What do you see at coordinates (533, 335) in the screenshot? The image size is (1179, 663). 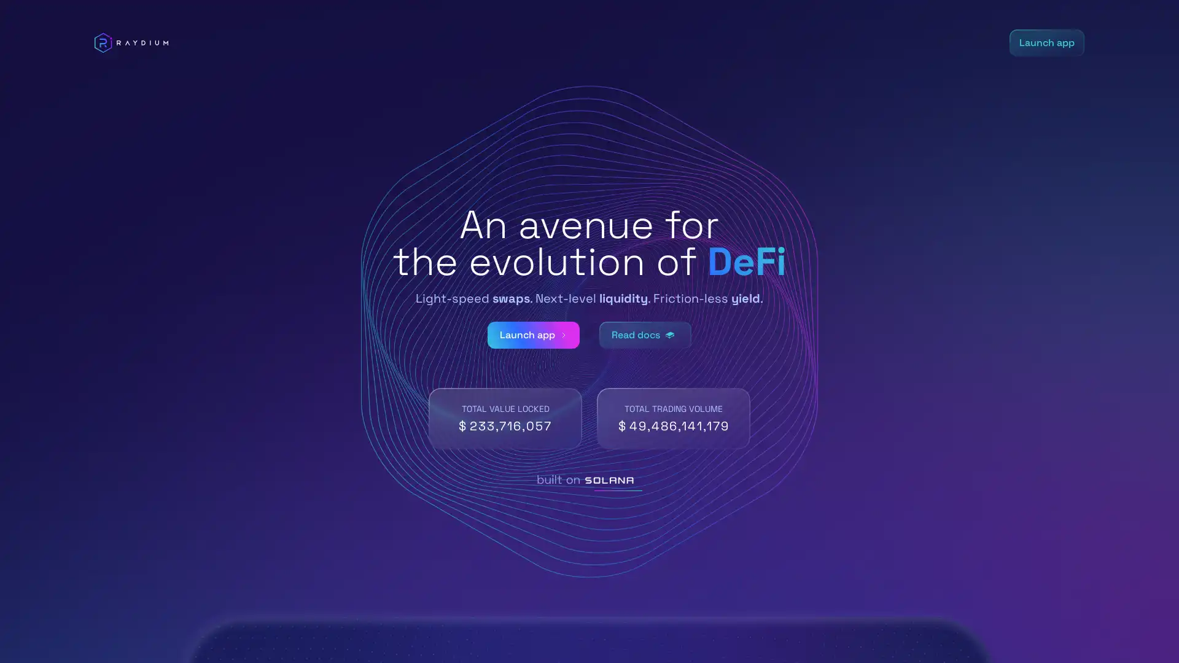 I see `Launch app` at bounding box center [533, 335].